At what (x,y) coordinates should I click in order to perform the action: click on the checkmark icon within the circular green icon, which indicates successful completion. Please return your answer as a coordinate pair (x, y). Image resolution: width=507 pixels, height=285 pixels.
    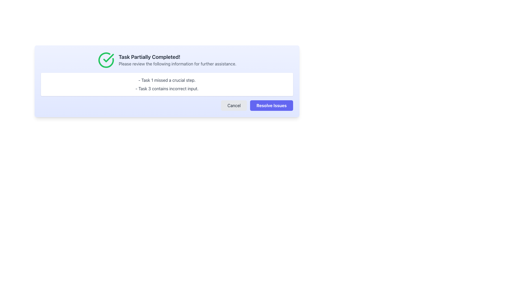
    Looking at the image, I should click on (108, 58).